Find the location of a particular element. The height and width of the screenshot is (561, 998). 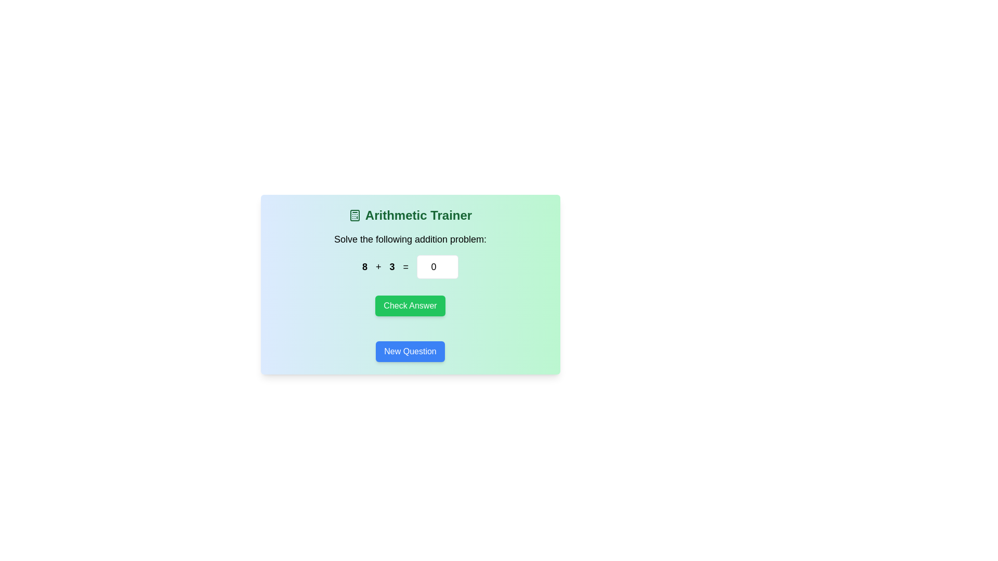

the adjacent components of the title text label for the arithmetic training application, located at the top center of the card layout is located at coordinates (410, 215).